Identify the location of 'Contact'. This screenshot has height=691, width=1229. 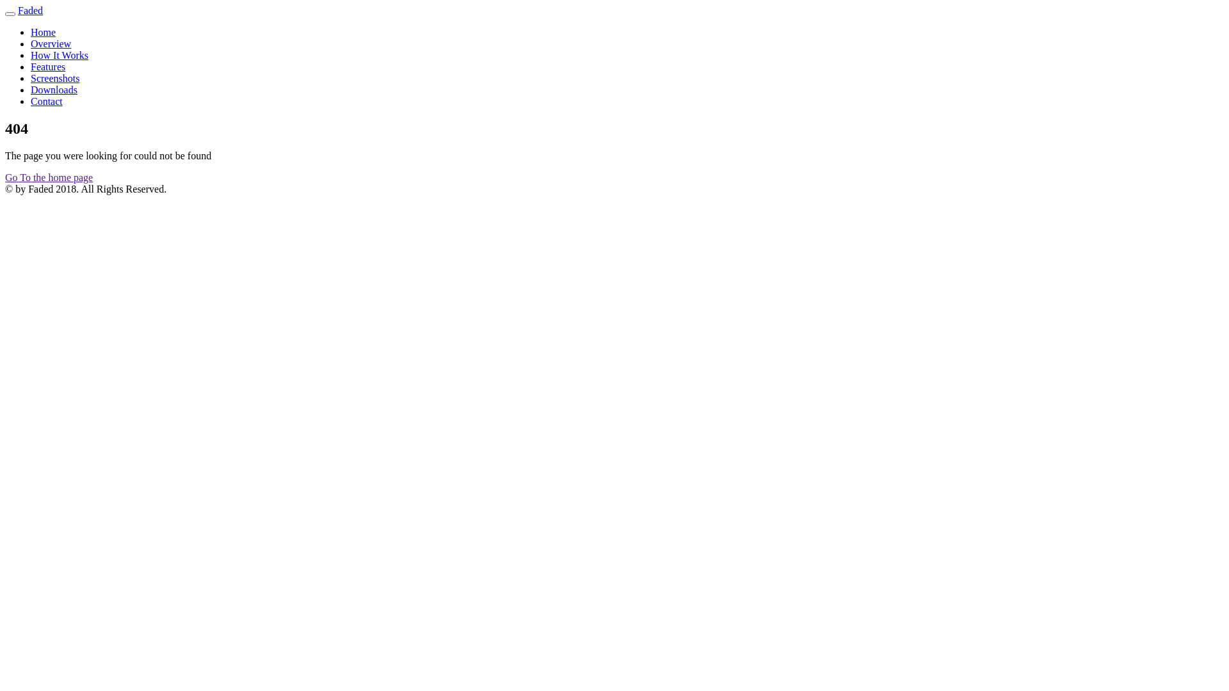
(46, 100).